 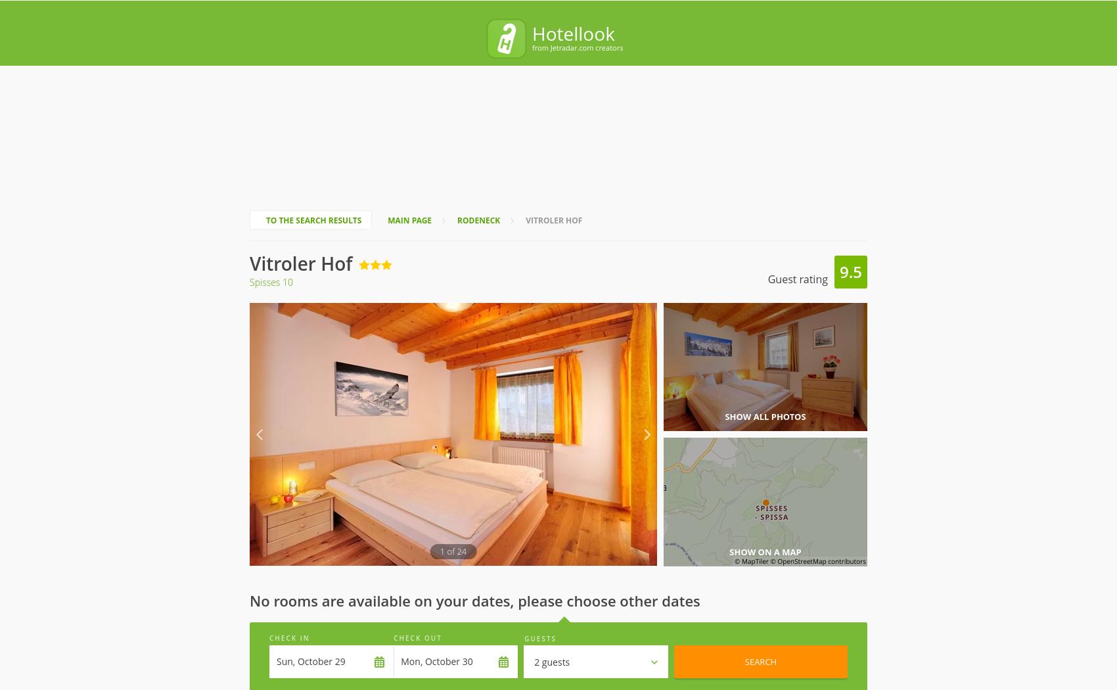 I want to click on 'All reviews', so click(x=405, y=619).